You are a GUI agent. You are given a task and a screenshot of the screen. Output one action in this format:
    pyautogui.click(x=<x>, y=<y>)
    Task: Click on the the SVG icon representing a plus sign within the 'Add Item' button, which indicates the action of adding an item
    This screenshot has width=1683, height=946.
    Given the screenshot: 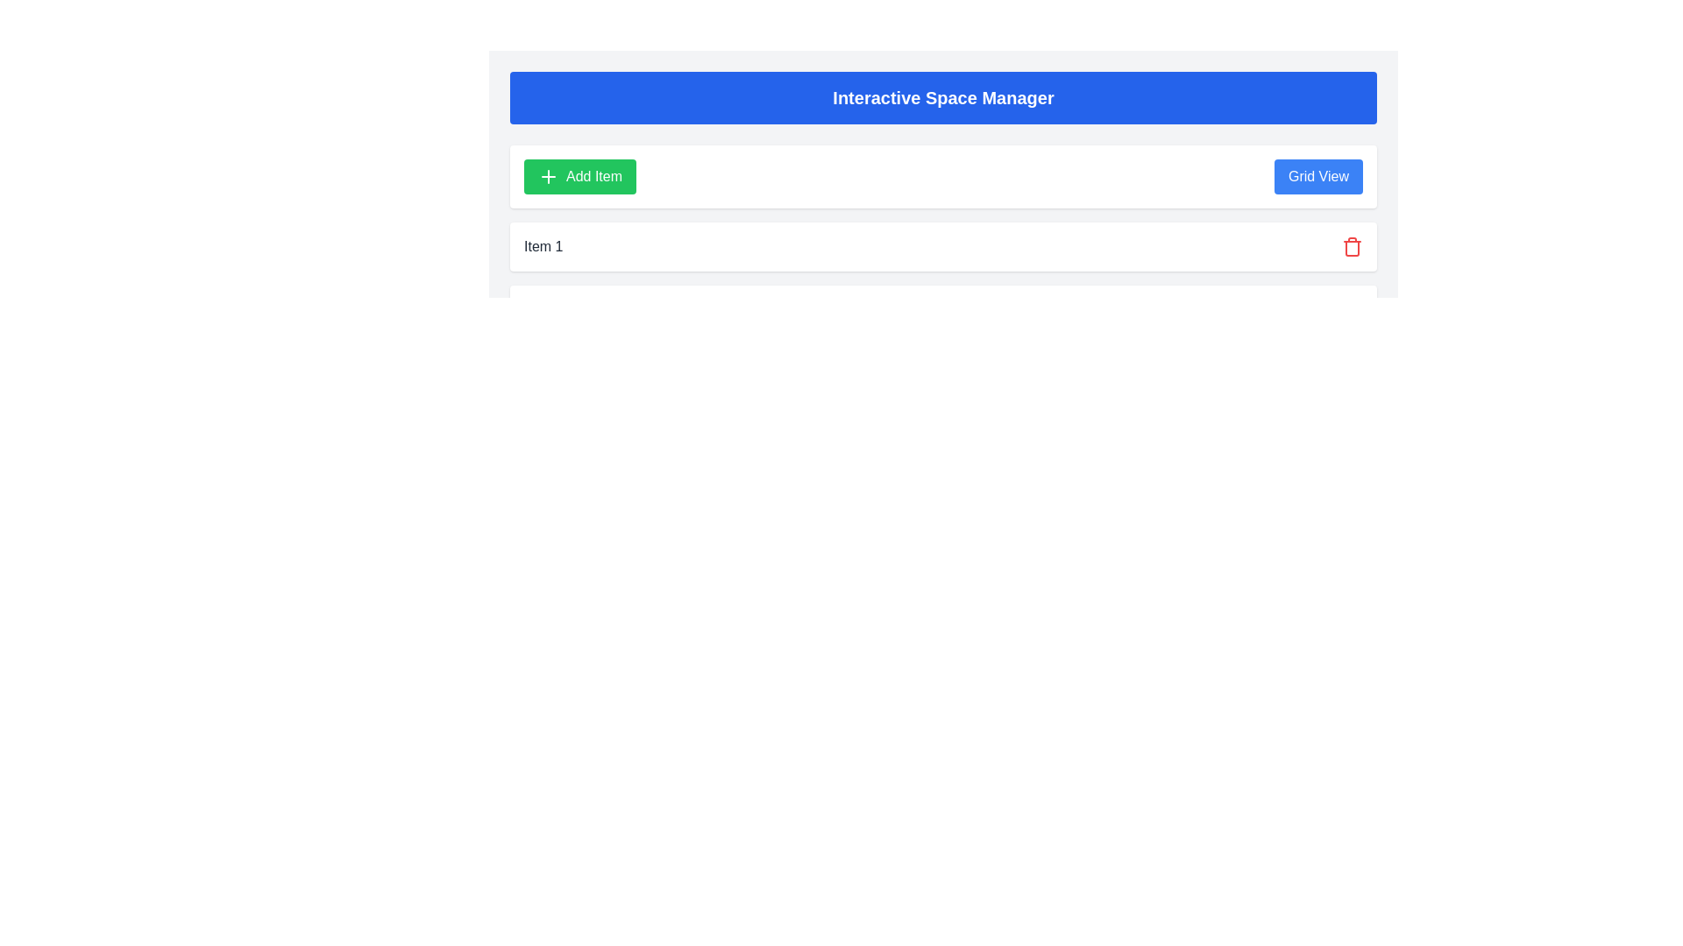 What is the action you would take?
    pyautogui.click(x=547, y=176)
    